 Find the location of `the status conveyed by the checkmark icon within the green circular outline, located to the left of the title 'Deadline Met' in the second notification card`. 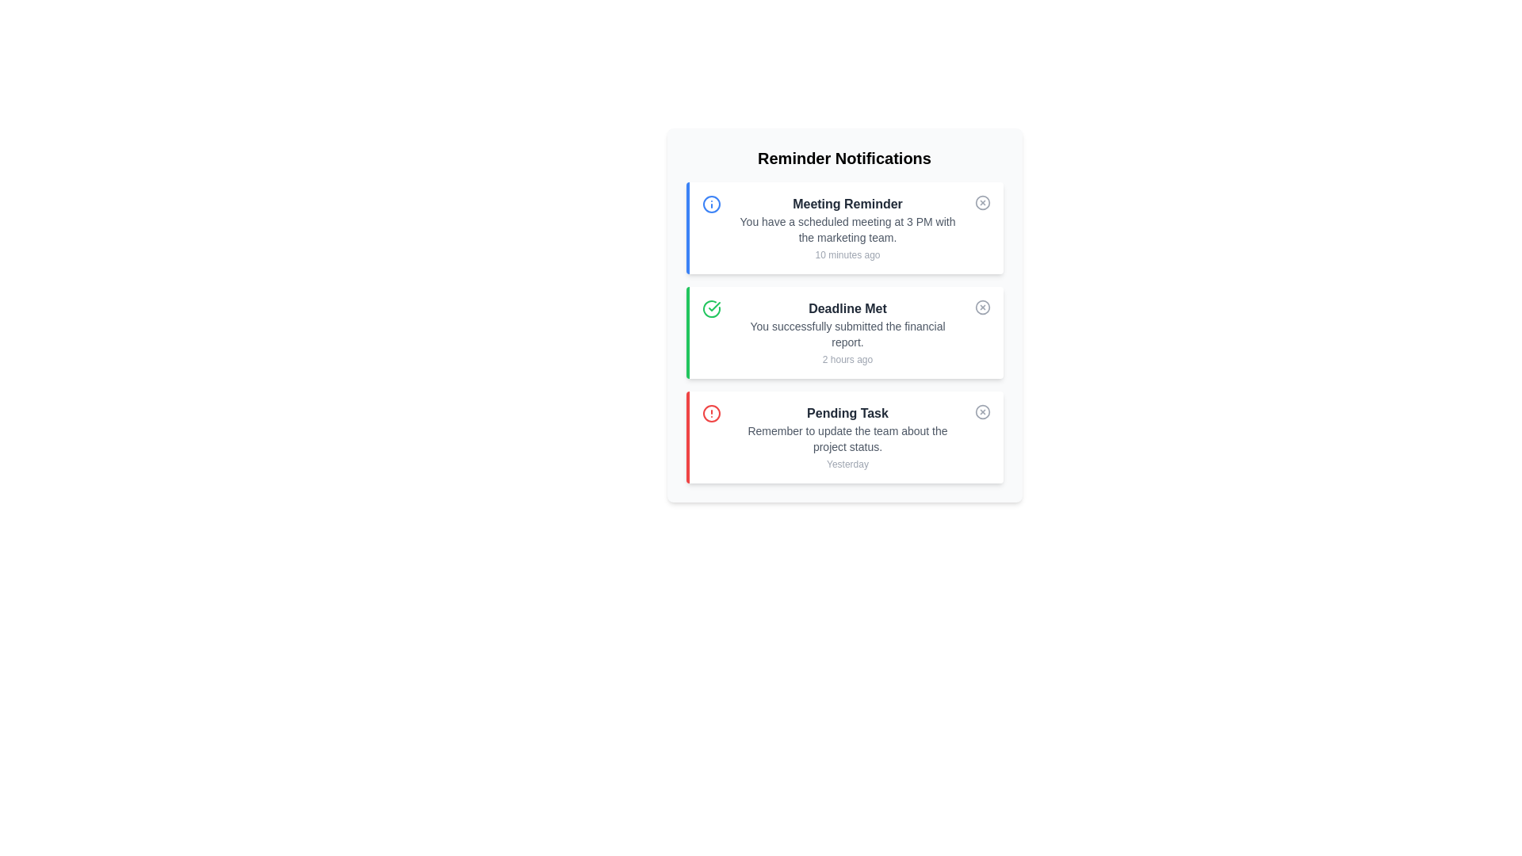

the status conveyed by the checkmark icon within the green circular outline, located to the left of the title 'Deadline Met' in the second notification card is located at coordinates (713, 306).